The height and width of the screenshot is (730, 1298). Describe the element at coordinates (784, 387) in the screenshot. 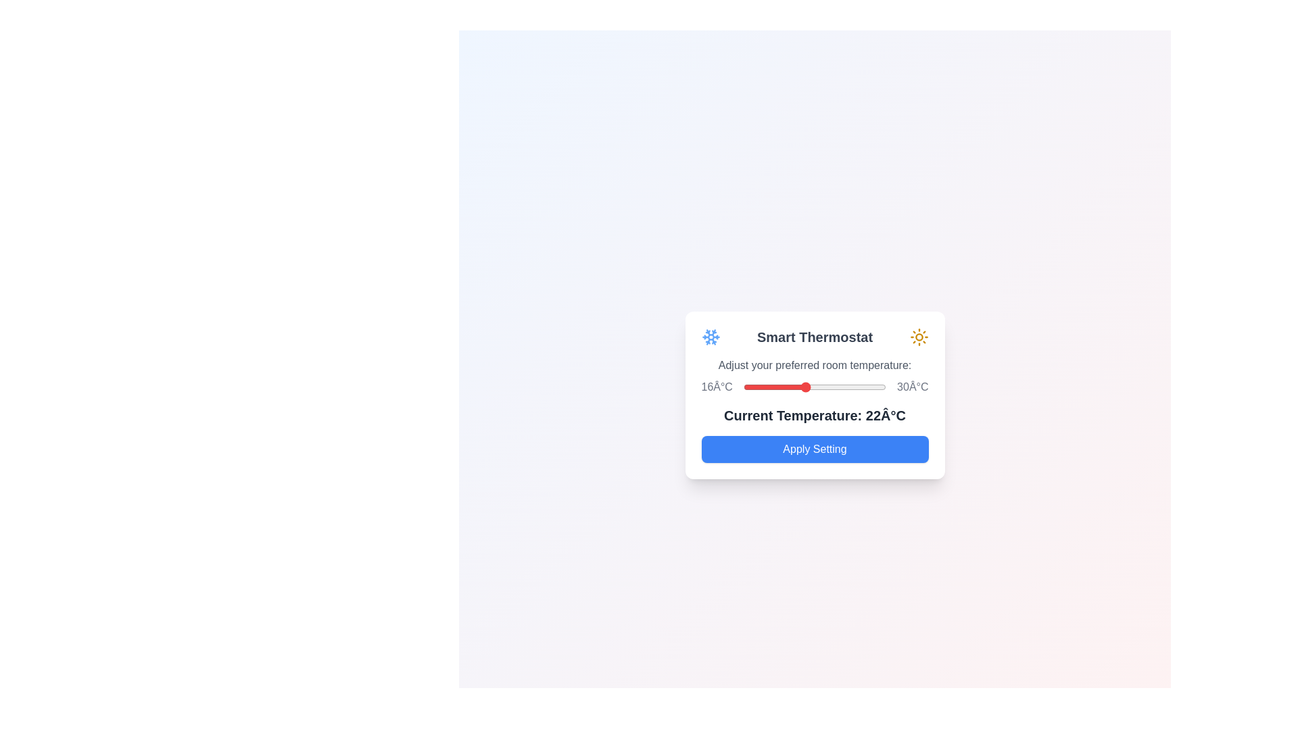

I see `the temperature slider to set the temperature to 20°C` at that location.